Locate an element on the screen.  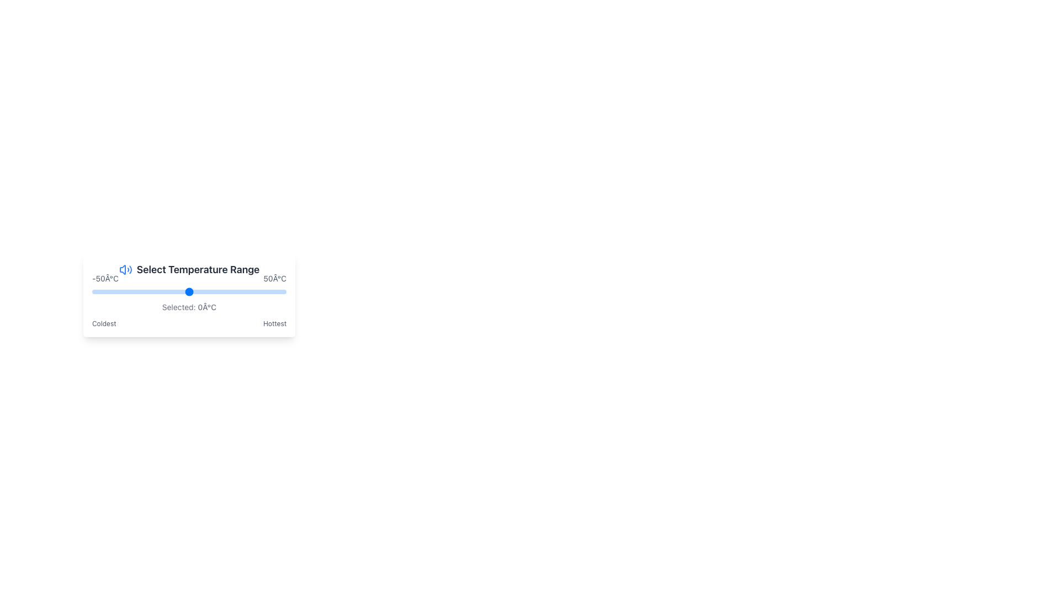
the text label displaying 'Selected: 0°C', which is centrally aligned, styled in gray, and located at the bottom of the temperature selection interface, just above the labels 'Coldest' and 'Hottest' is located at coordinates (189, 307).